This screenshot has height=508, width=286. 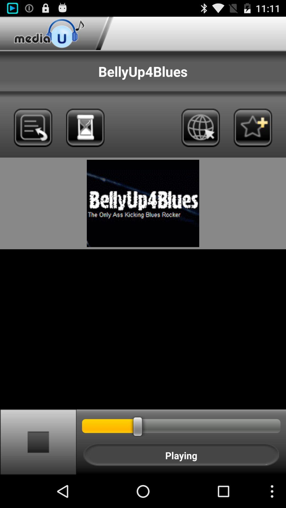 I want to click on button at the bottom left corner, so click(x=38, y=442).